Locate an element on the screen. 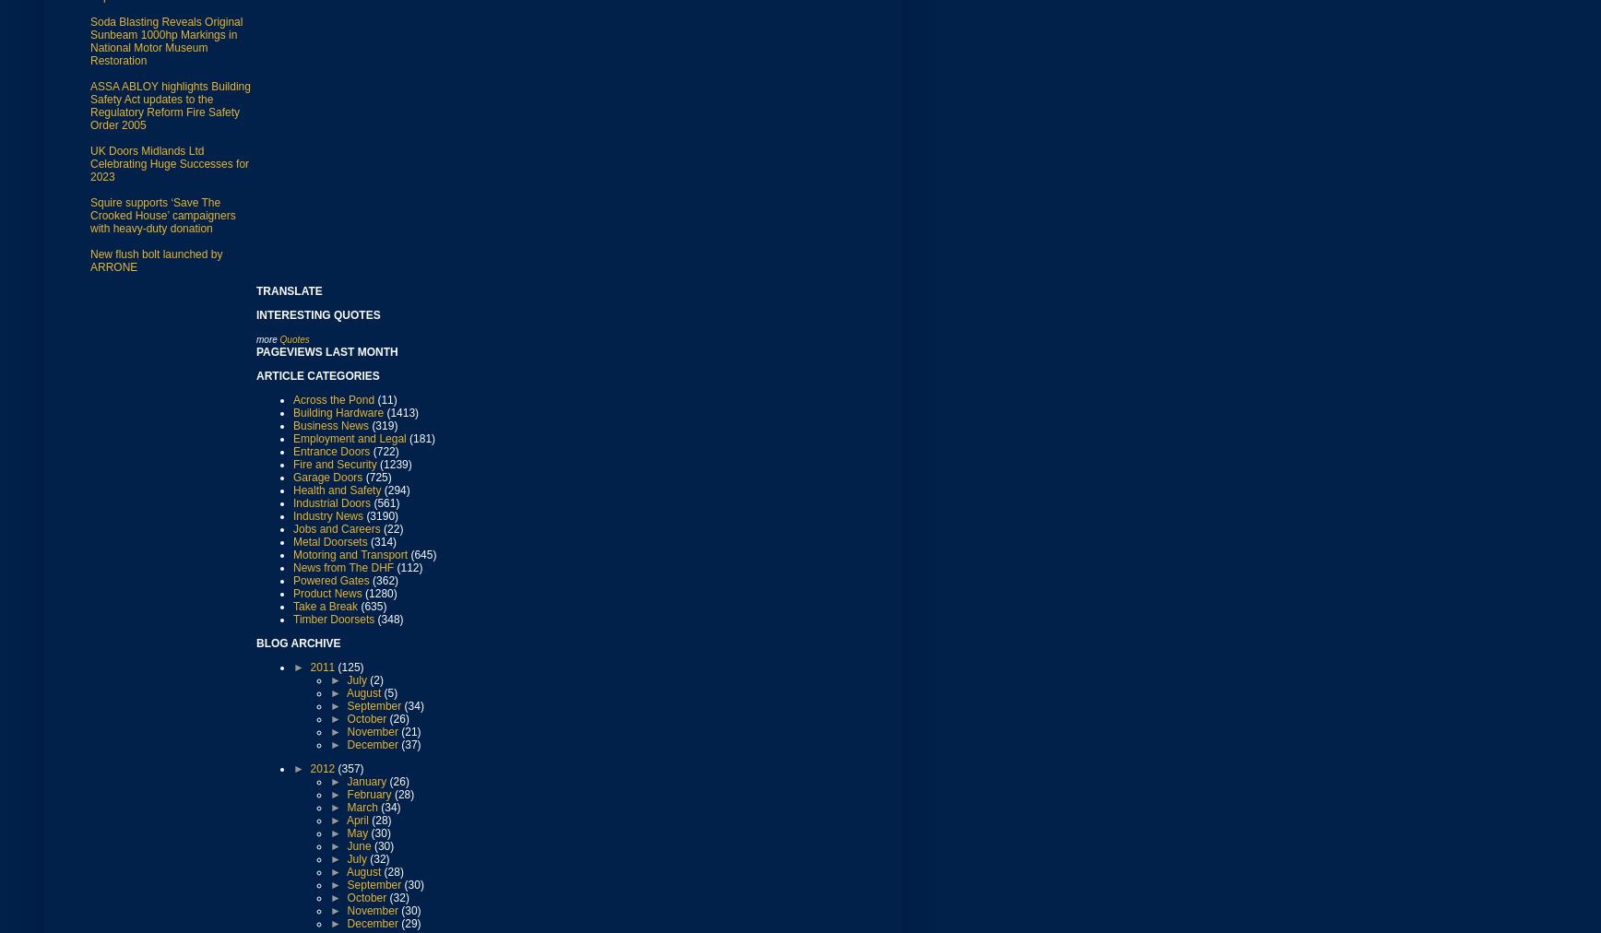 Image resolution: width=1601 pixels, height=933 pixels. '(29)' is located at coordinates (401, 922).